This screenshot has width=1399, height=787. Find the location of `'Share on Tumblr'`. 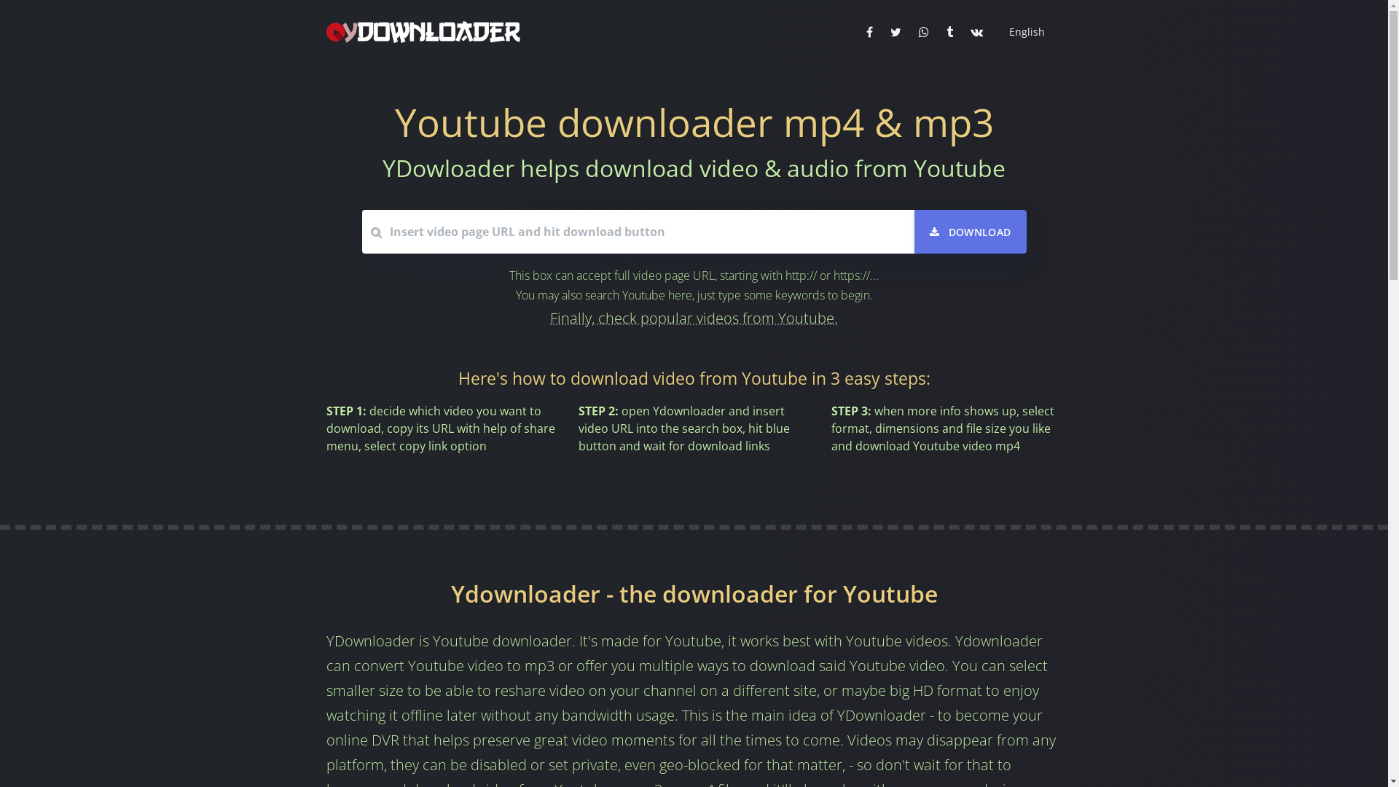

'Share on Tumblr' is located at coordinates (940, 31).